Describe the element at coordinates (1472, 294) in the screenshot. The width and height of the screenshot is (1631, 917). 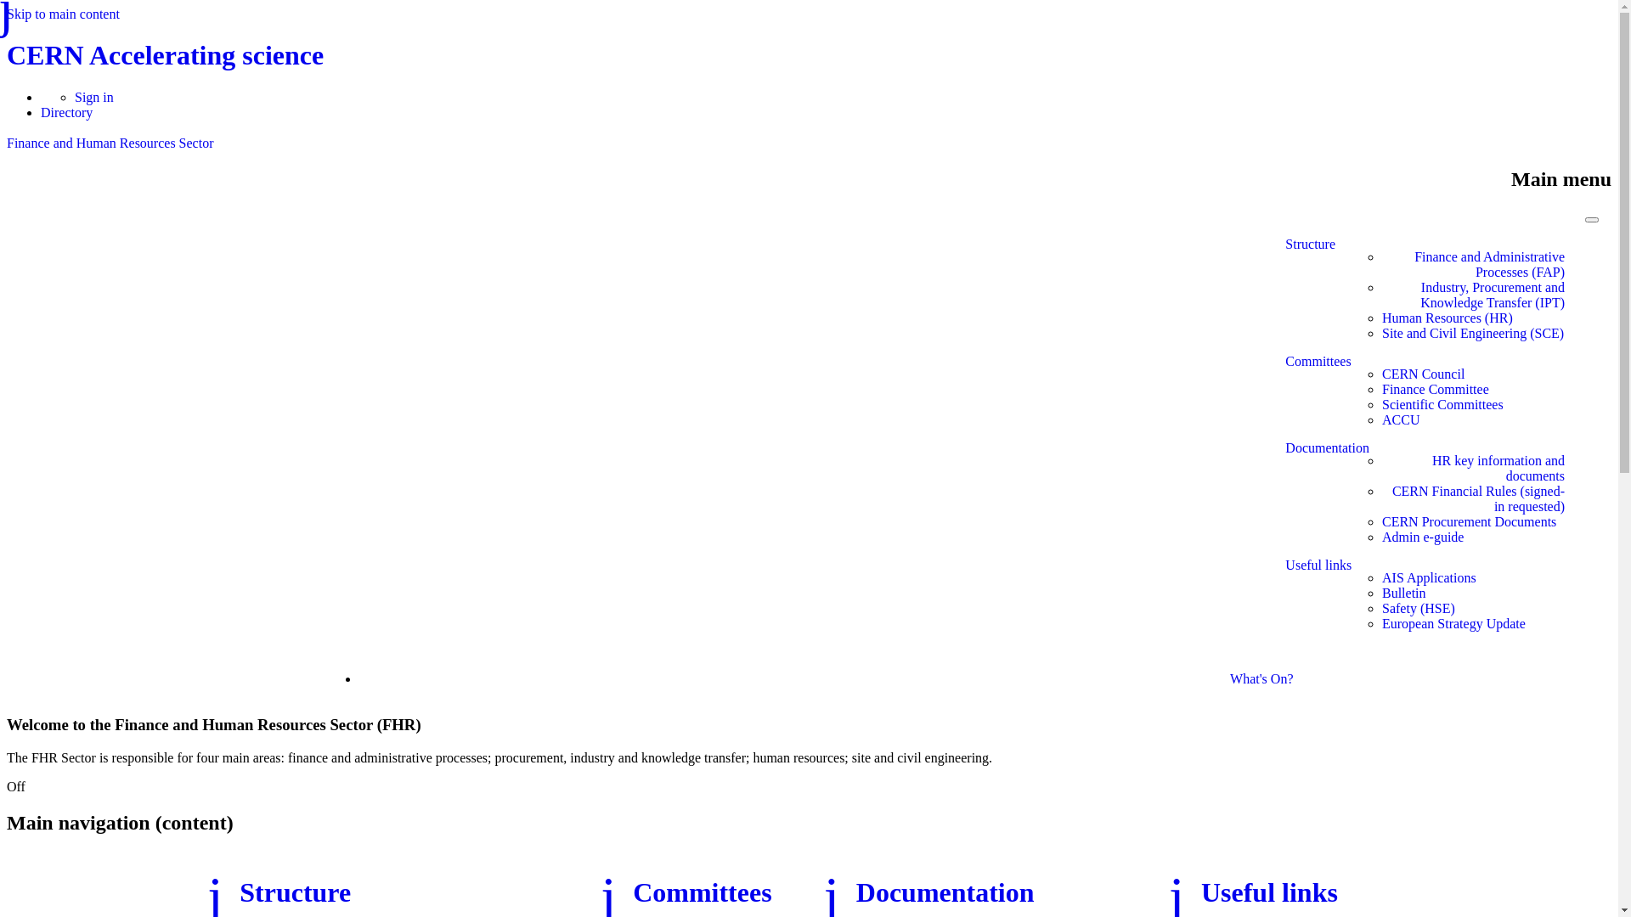
I see `'Industry, Procurement and Knowledge Transfer (IPT)'` at that location.